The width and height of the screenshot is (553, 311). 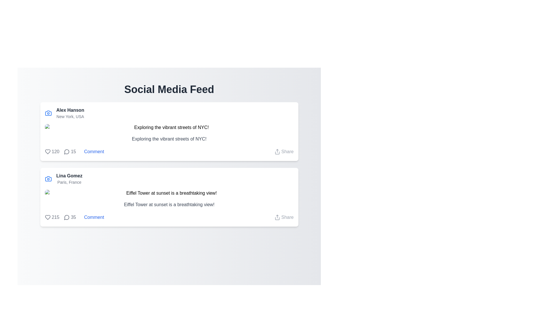 I want to click on the camera icon located to the immediate left of the text 'Lina Gomez', which signifies photographic functionality, so click(x=48, y=179).